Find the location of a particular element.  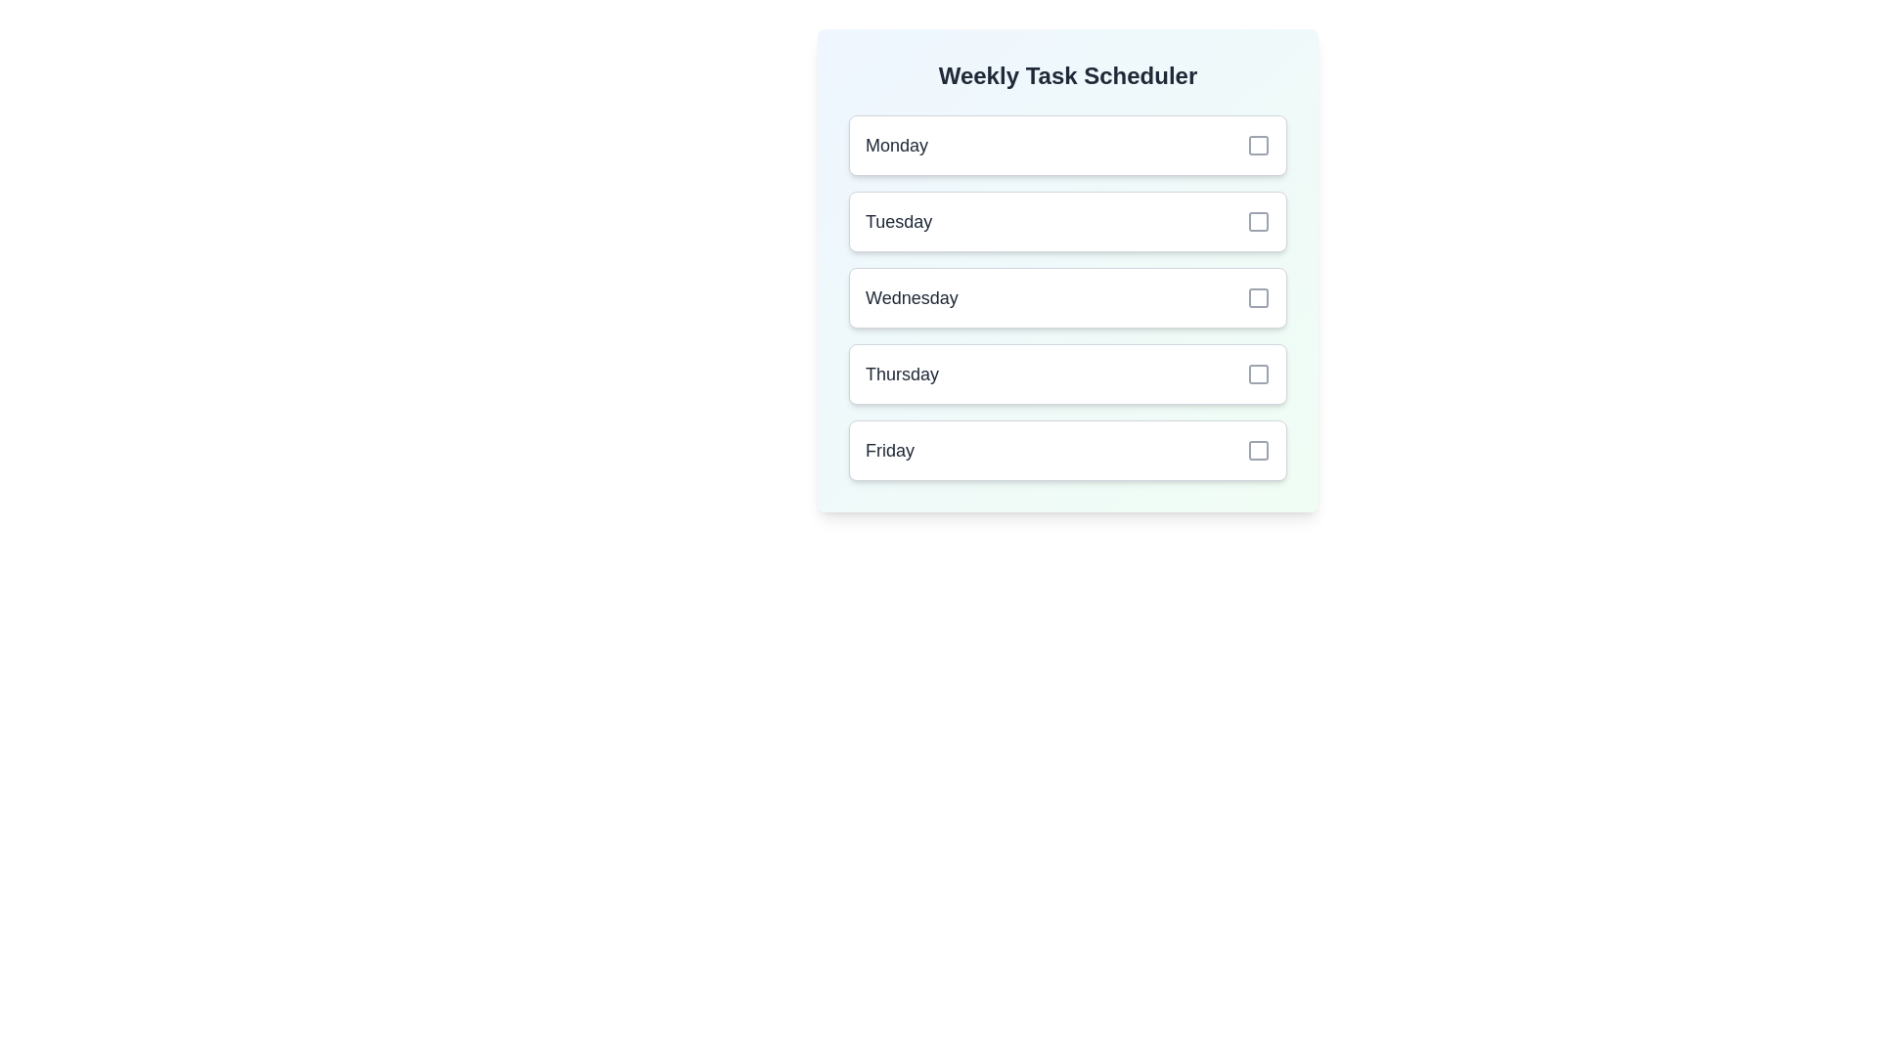

the day Wednesday to view its details is located at coordinates (1066, 297).